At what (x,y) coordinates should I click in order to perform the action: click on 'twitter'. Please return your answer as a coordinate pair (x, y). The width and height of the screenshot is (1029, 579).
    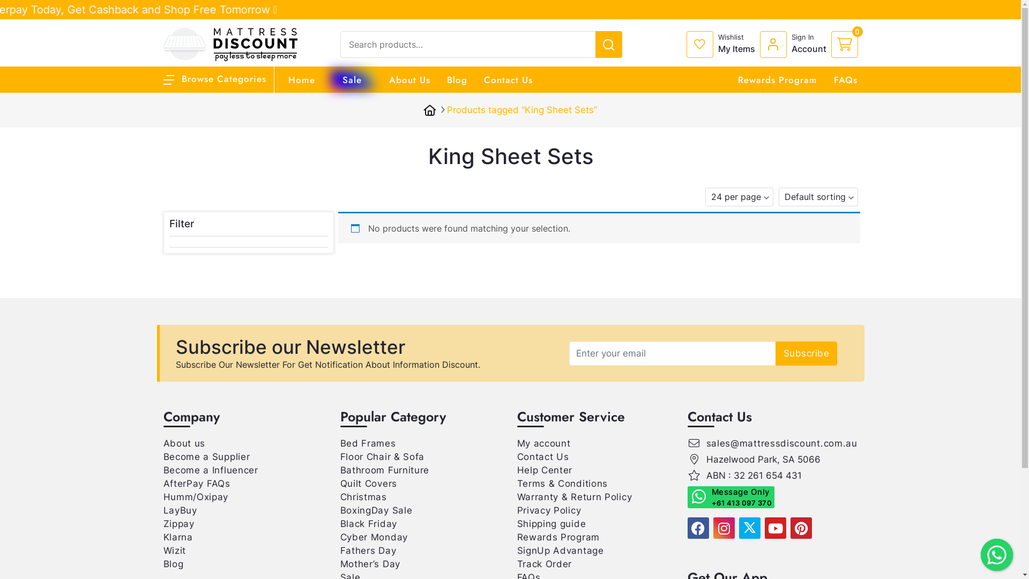
    Looking at the image, I should click on (737, 527).